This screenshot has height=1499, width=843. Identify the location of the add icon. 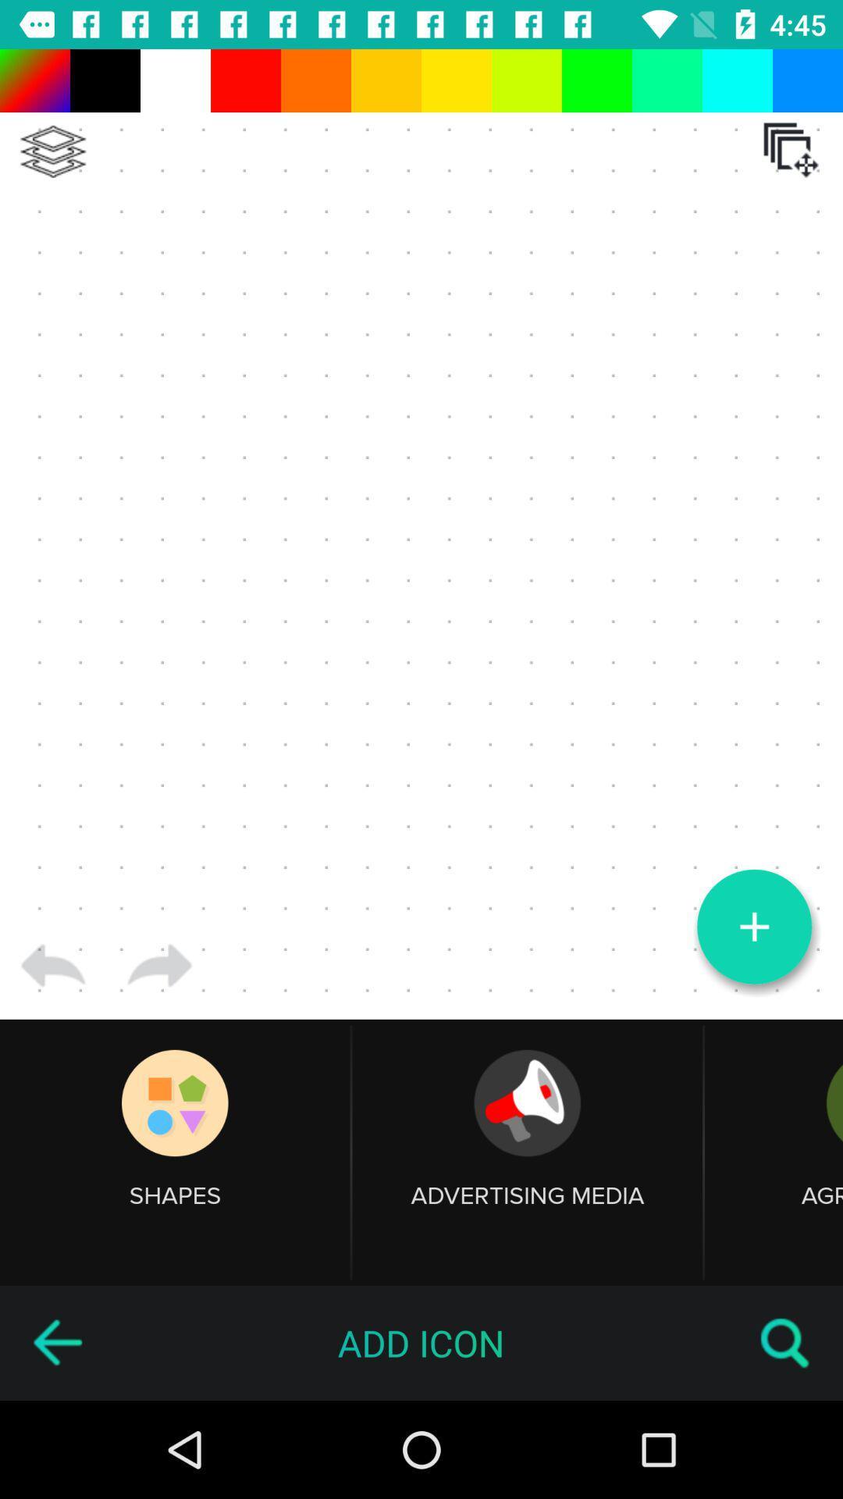
(753, 927).